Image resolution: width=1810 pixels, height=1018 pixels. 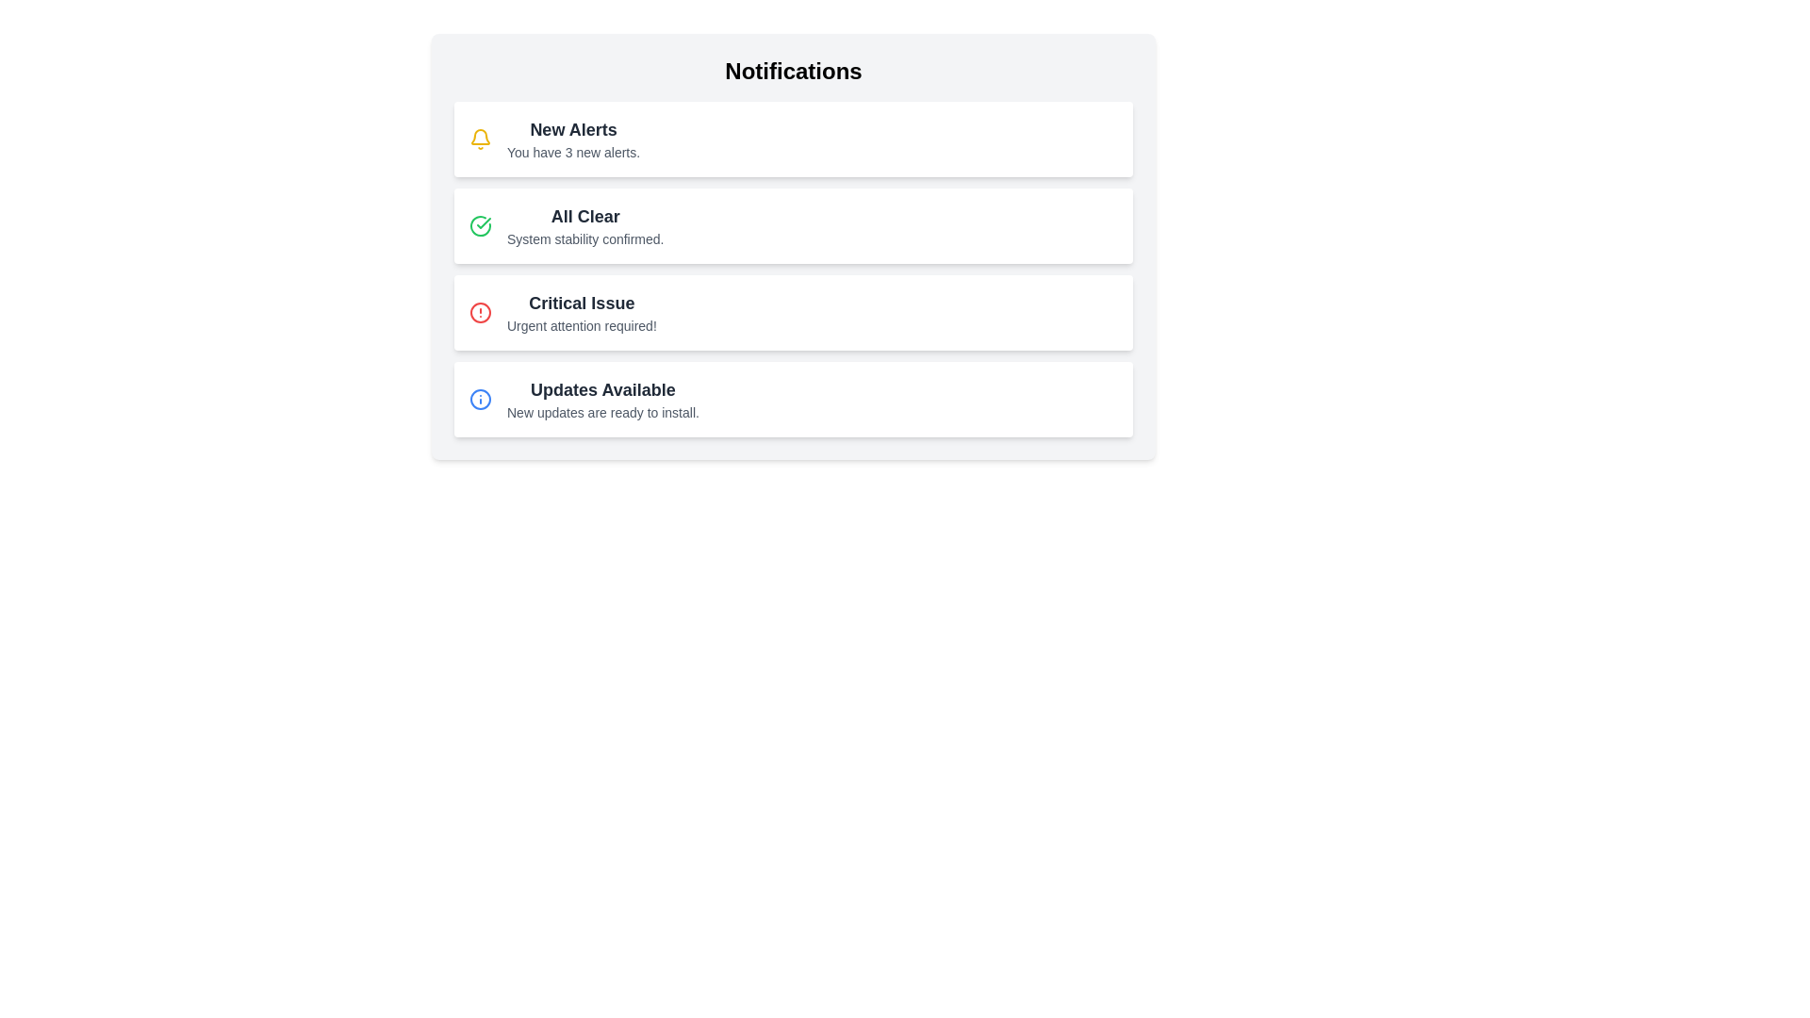 I want to click on the first notification item in the top-left section of the notification interface that displays a summary of new alerts, so click(x=572, y=138).